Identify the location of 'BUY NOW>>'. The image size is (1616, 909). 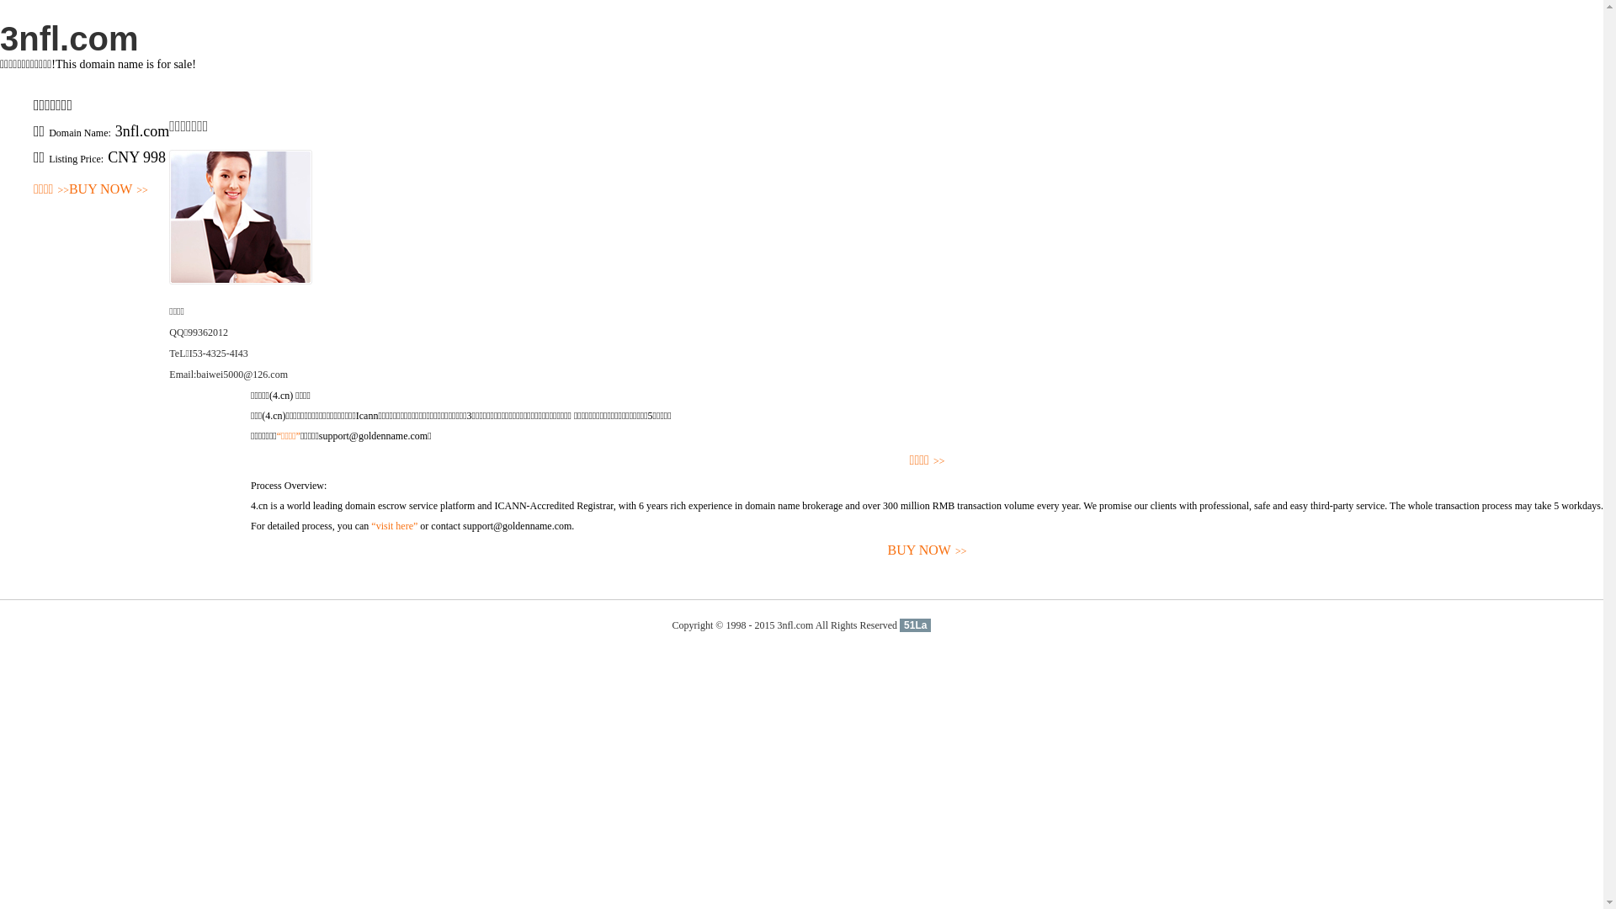
(108, 189).